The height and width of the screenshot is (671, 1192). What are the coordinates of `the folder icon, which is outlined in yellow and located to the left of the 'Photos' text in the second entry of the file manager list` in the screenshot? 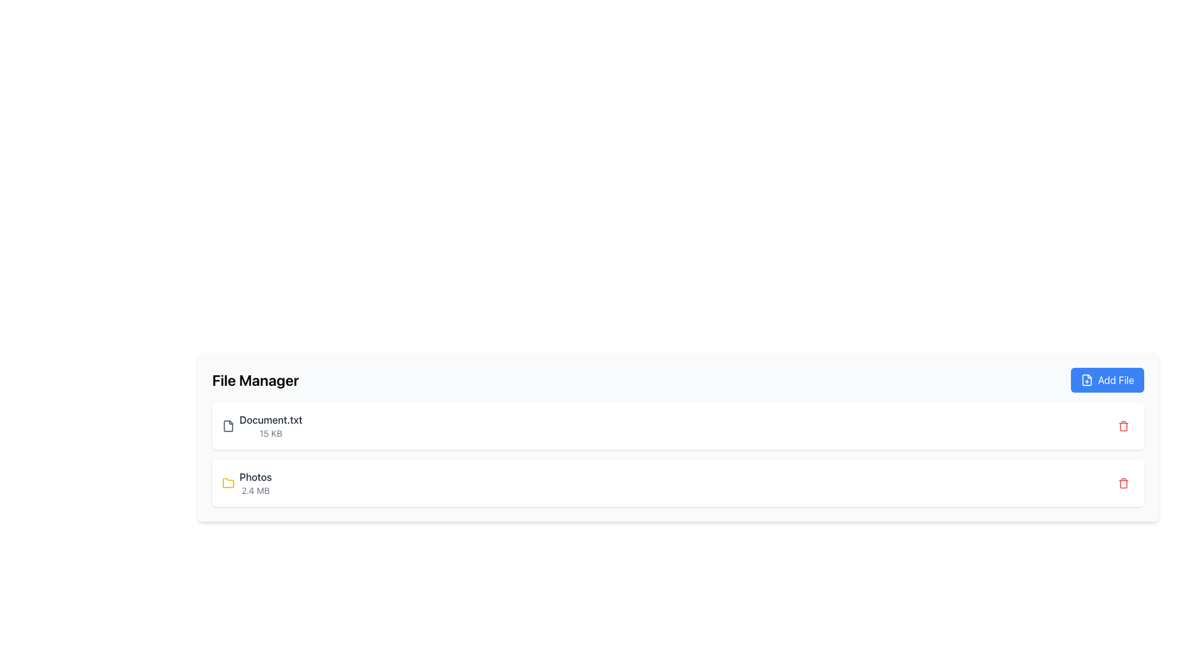 It's located at (228, 483).